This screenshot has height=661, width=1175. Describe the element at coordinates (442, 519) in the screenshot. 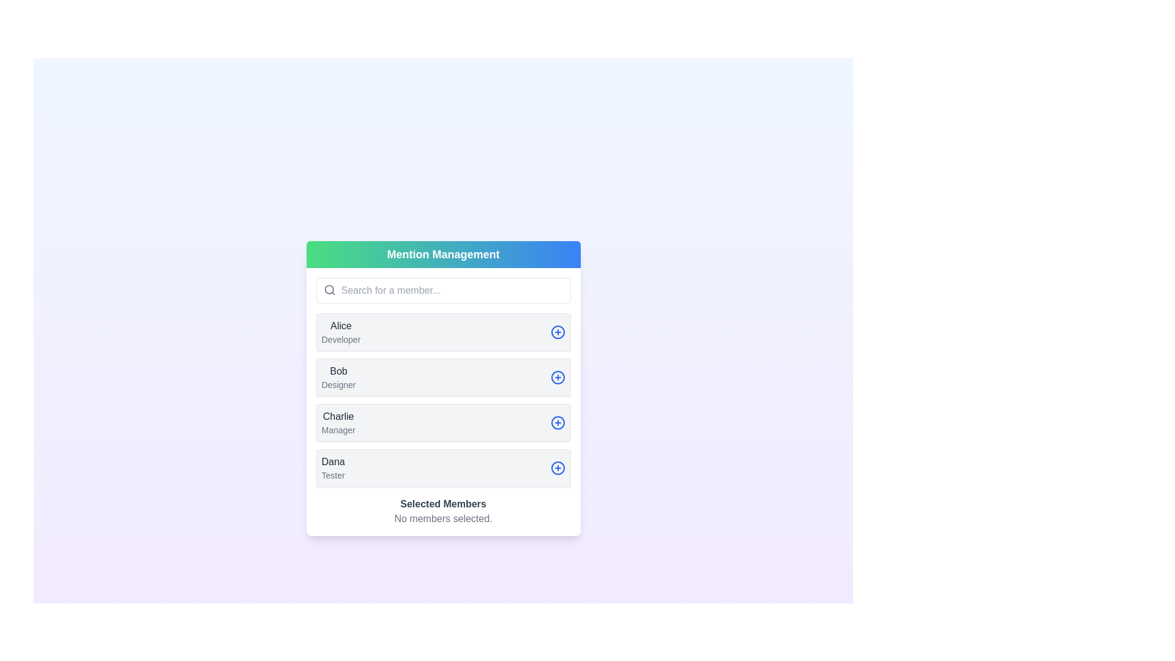

I see `the static text label indicating that no members have been selected, located in the 'Selected Members' section` at that location.